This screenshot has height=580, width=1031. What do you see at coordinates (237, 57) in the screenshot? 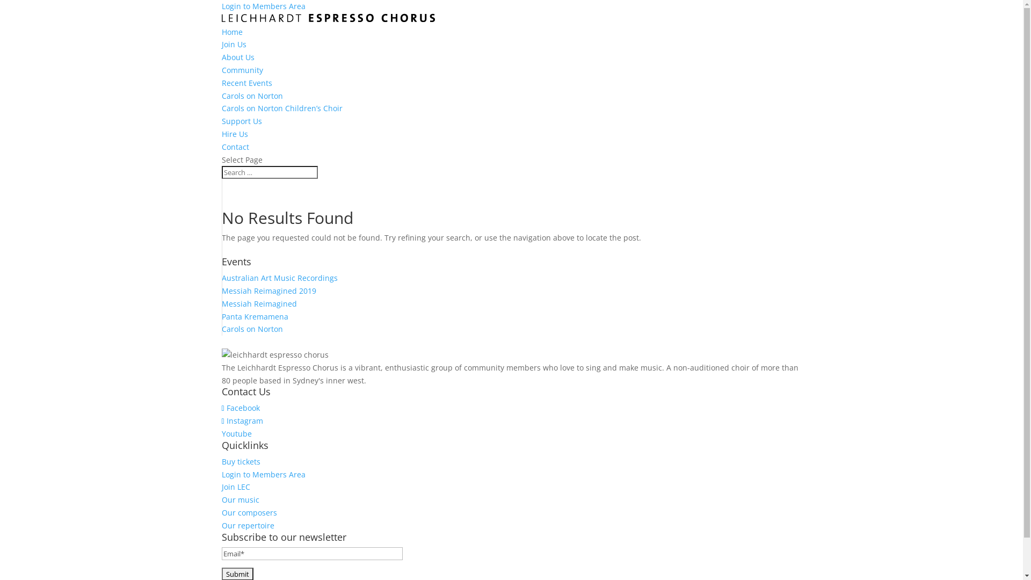
I see `'About Us'` at bounding box center [237, 57].